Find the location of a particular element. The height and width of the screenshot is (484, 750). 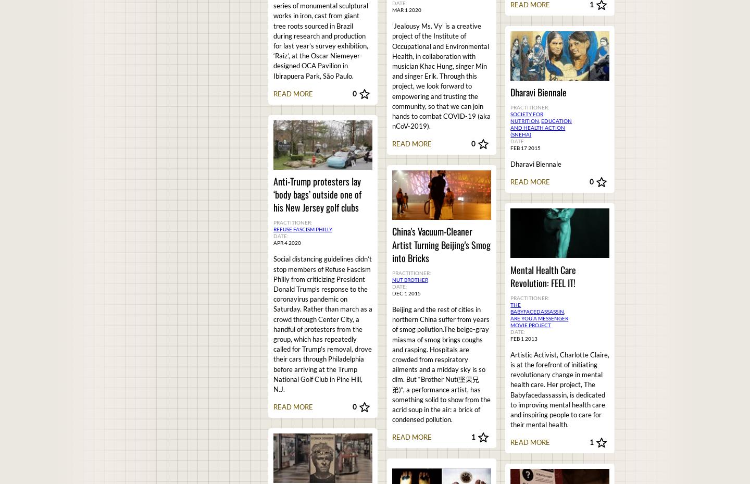

'Refuse Fascism Philly' is located at coordinates (303, 228).